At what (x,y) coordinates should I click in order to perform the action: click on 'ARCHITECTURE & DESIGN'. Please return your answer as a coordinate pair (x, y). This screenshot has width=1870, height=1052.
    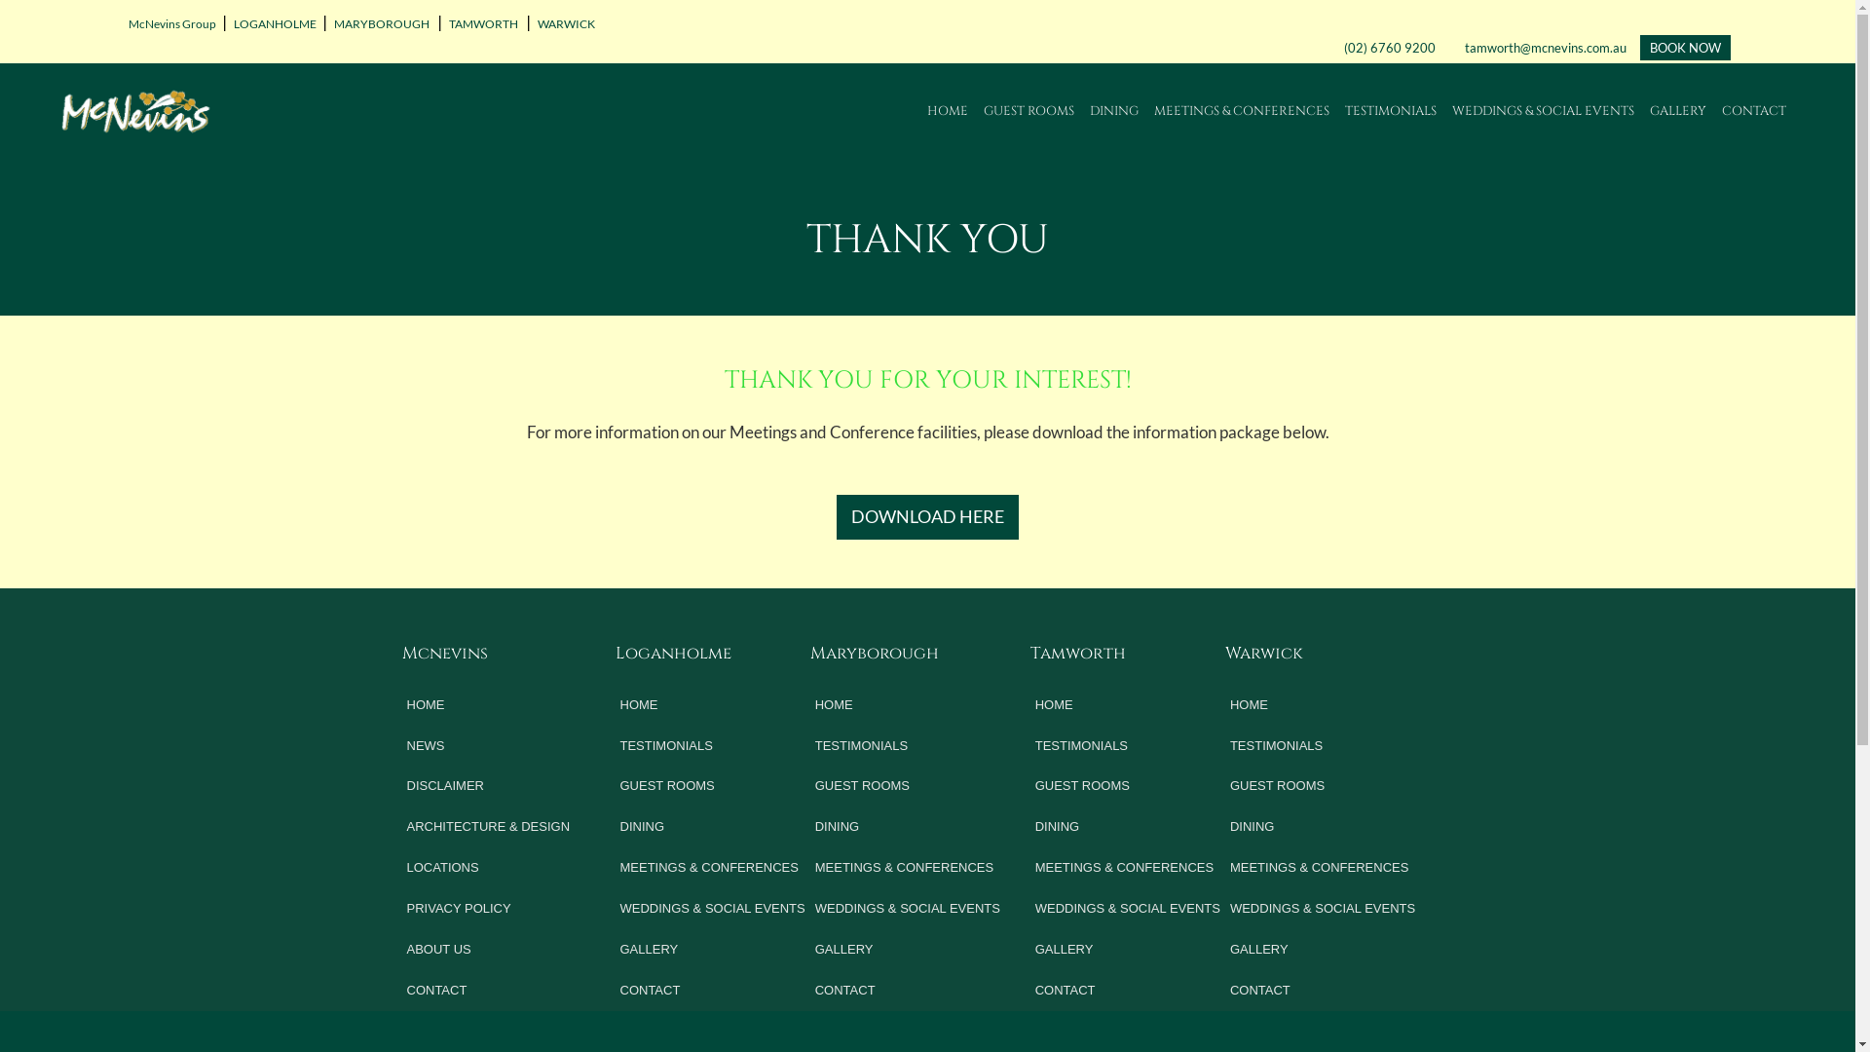
    Looking at the image, I should click on (490, 826).